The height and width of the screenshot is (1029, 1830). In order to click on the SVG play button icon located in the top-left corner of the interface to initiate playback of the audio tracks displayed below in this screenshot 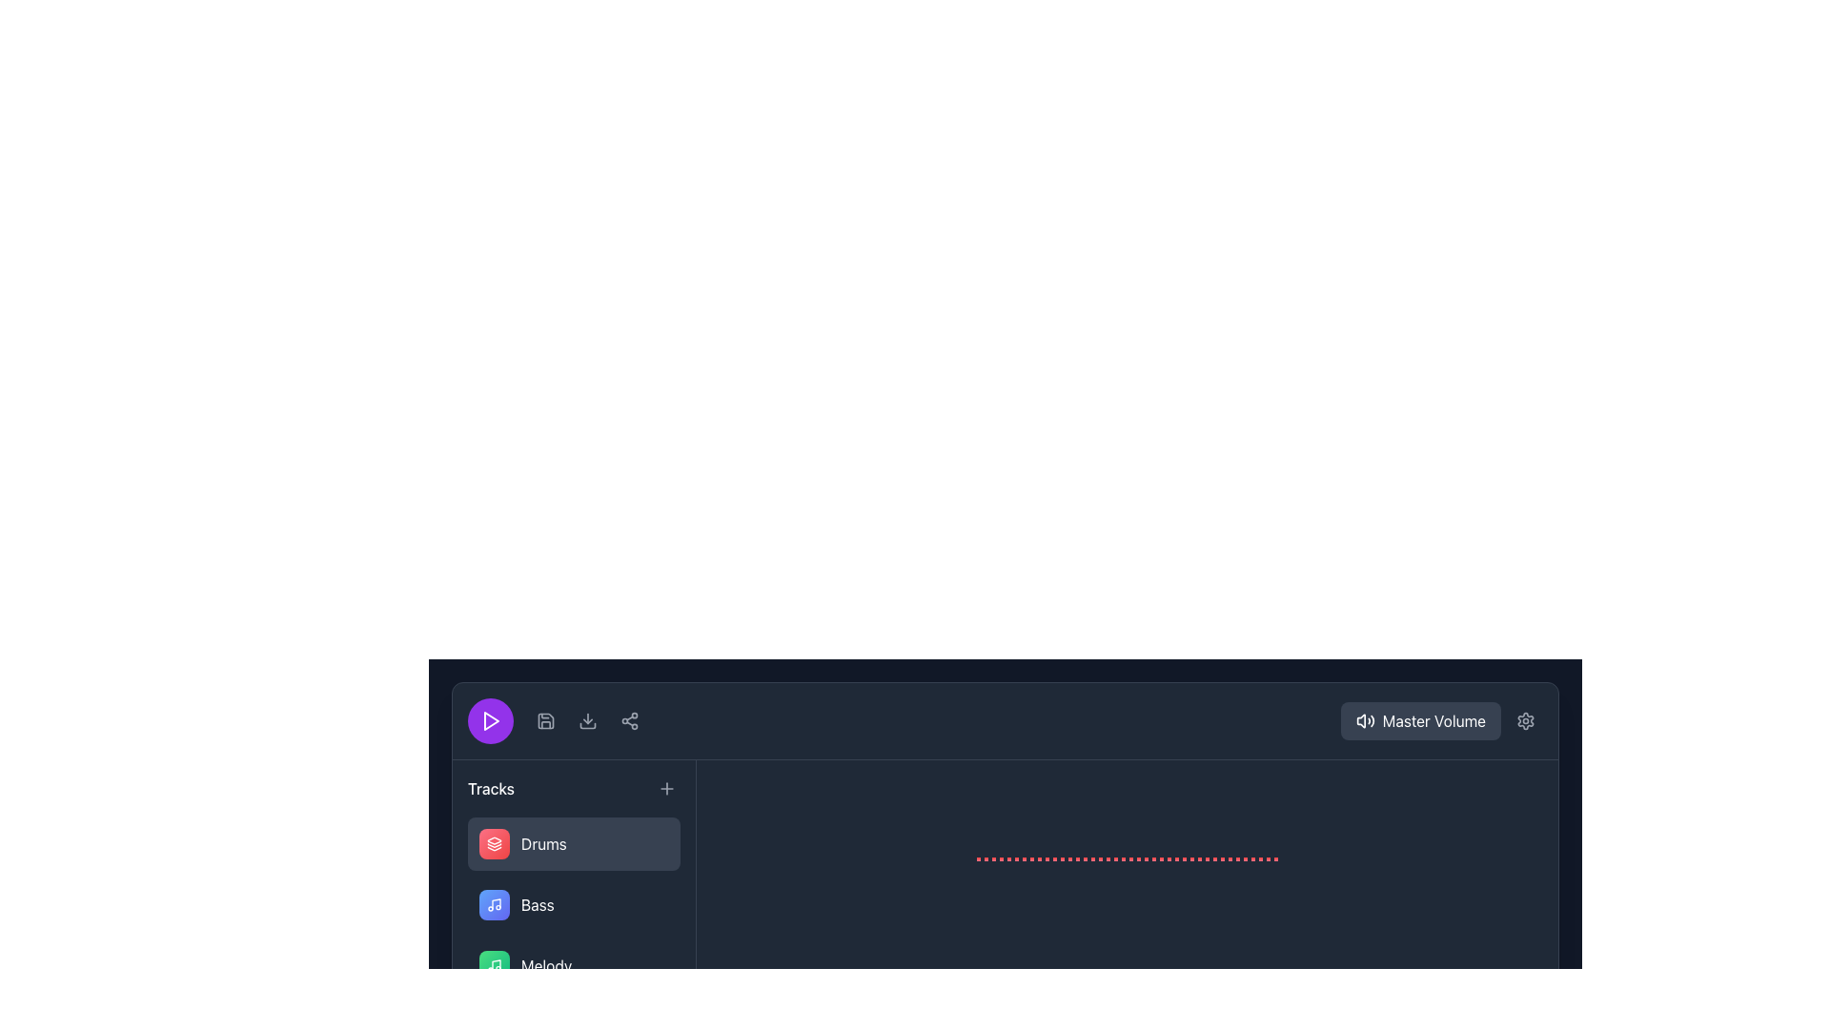, I will do `click(490, 720)`.